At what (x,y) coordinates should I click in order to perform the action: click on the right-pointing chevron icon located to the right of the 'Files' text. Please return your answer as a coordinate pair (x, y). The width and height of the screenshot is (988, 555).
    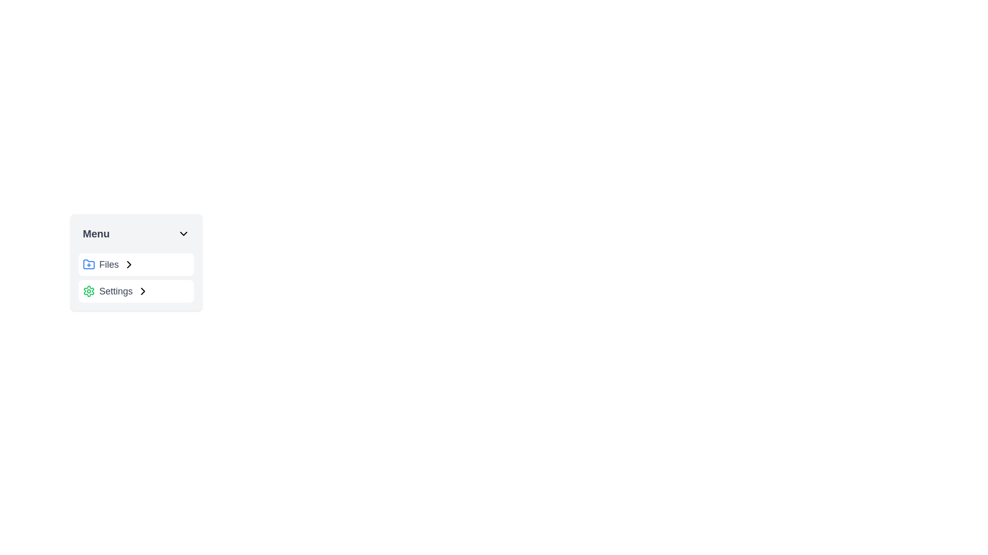
    Looking at the image, I should click on (128, 264).